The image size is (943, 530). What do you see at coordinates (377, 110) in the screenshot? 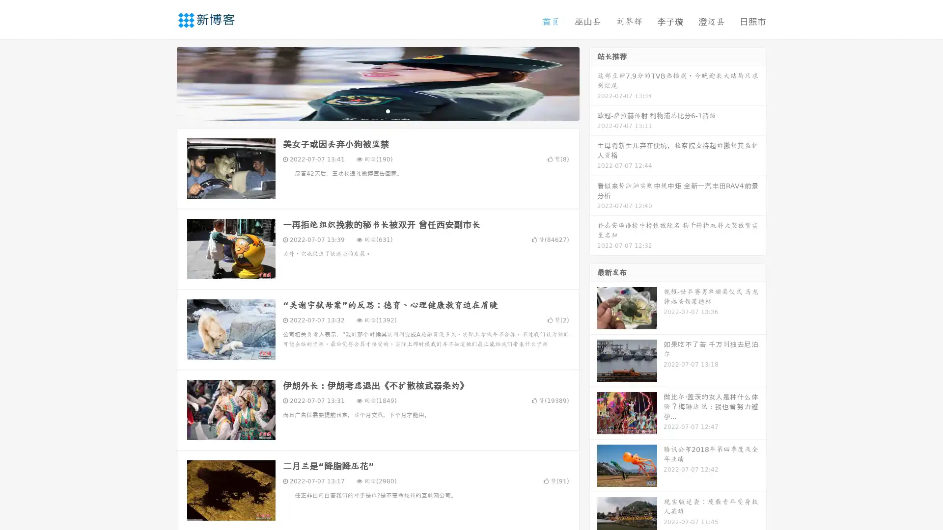
I see `Go to slide 2` at bounding box center [377, 110].